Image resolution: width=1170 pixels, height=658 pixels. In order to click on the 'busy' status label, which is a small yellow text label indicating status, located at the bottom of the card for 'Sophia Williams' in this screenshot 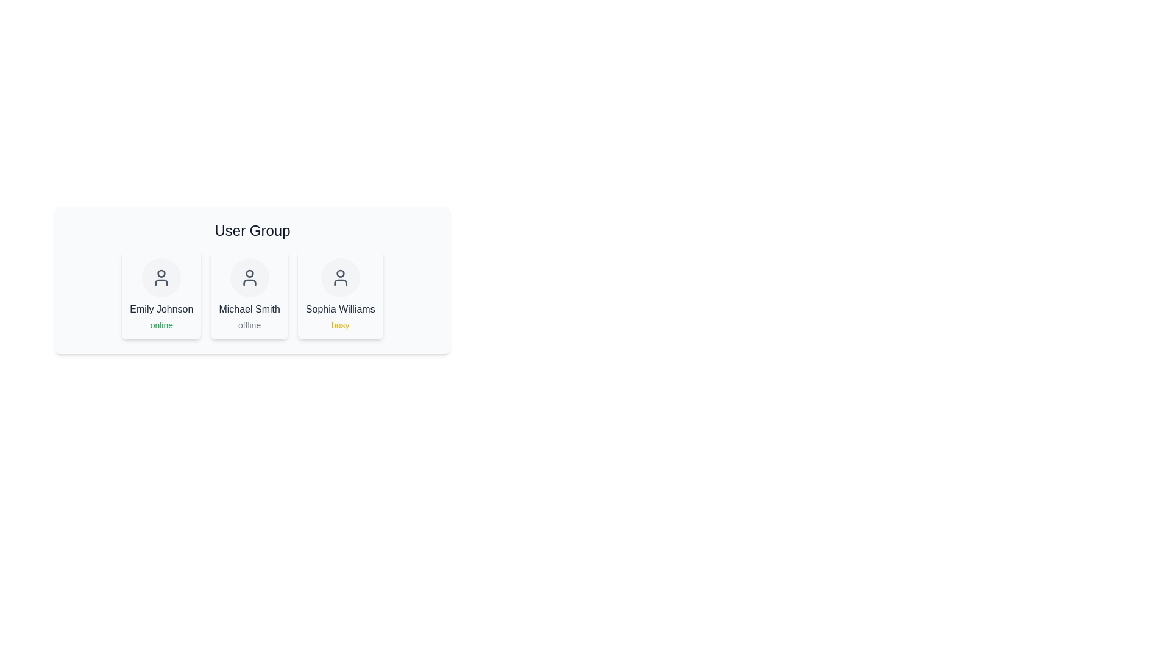, I will do `click(340, 324)`.